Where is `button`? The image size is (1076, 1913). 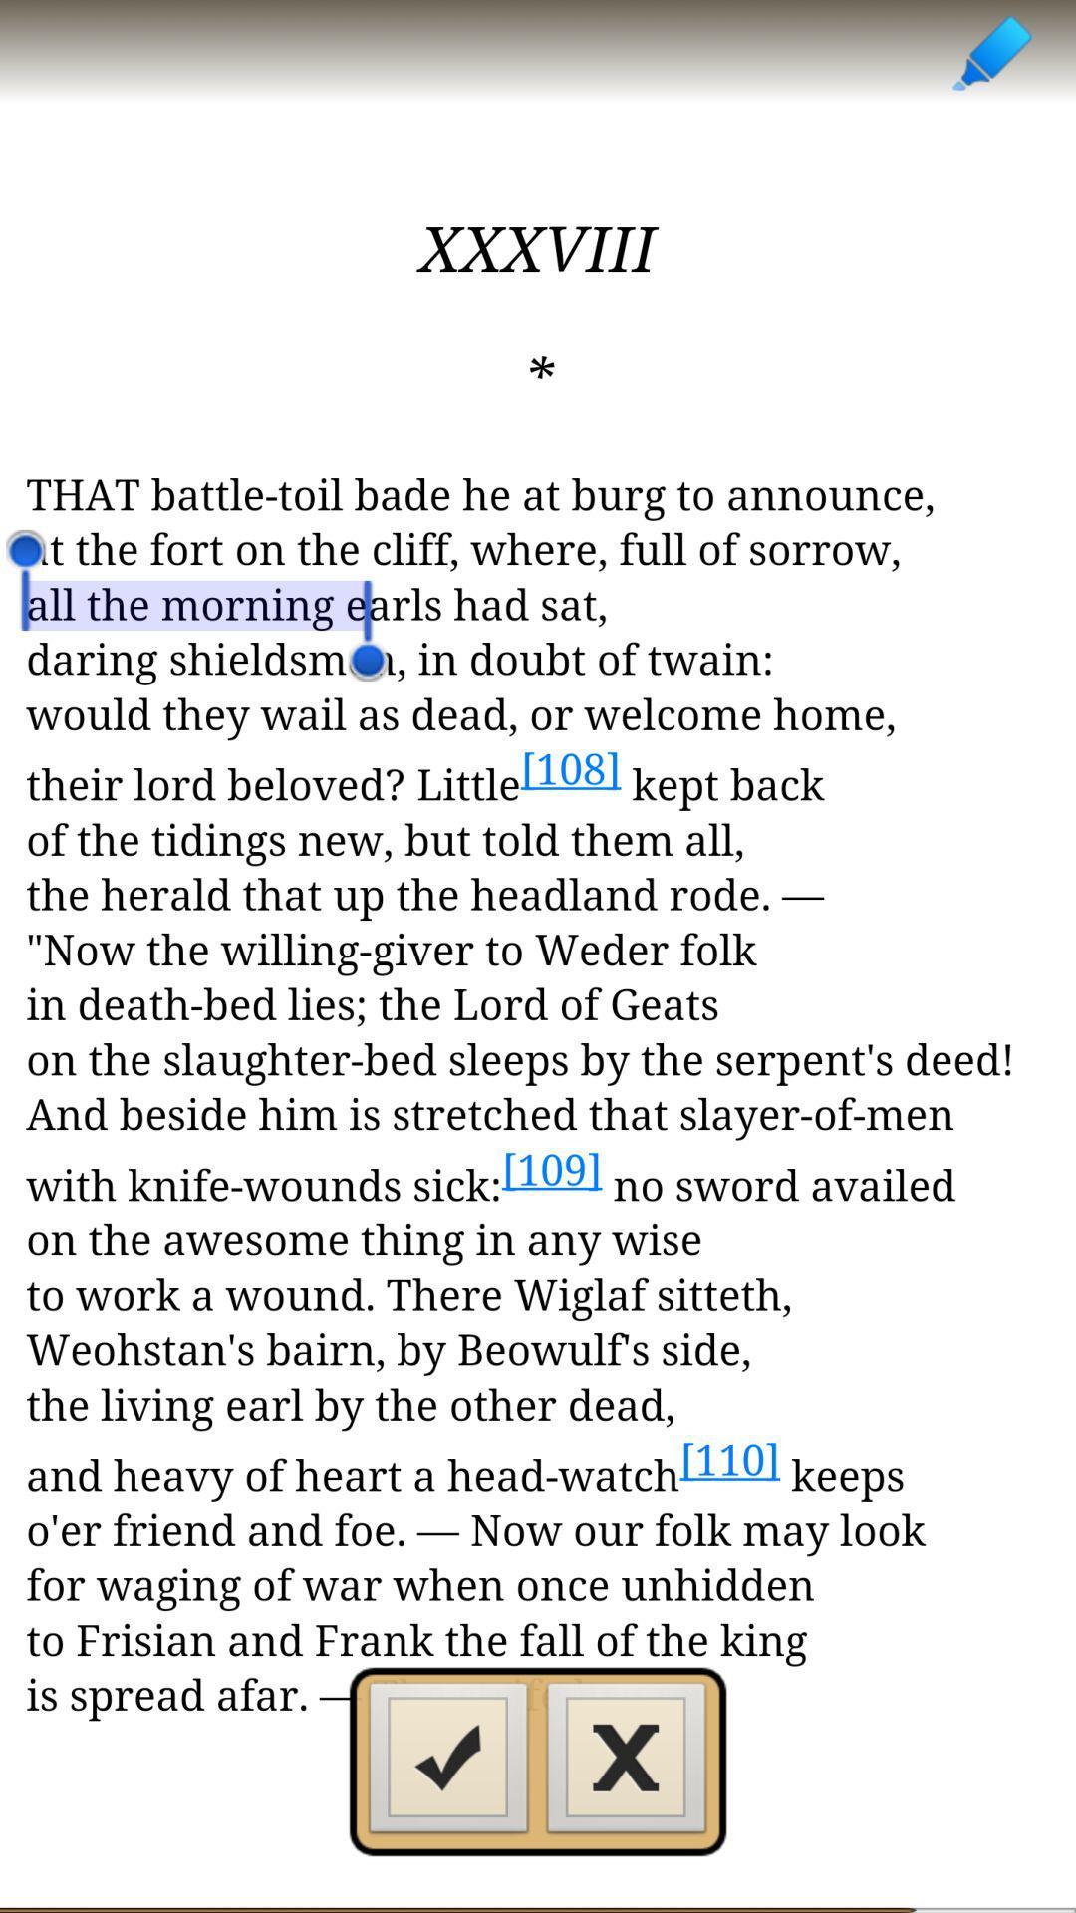
button is located at coordinates (626, 1764).